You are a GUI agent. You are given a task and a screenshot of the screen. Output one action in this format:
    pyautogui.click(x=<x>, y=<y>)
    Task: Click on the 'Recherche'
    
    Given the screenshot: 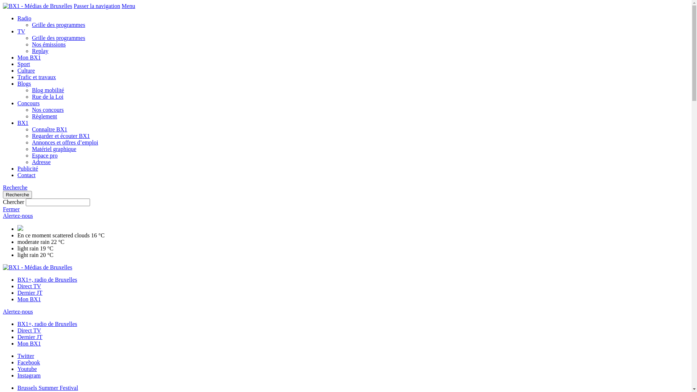 What is the action you would take?
    pyautogui.click(x=15, y=187)
    